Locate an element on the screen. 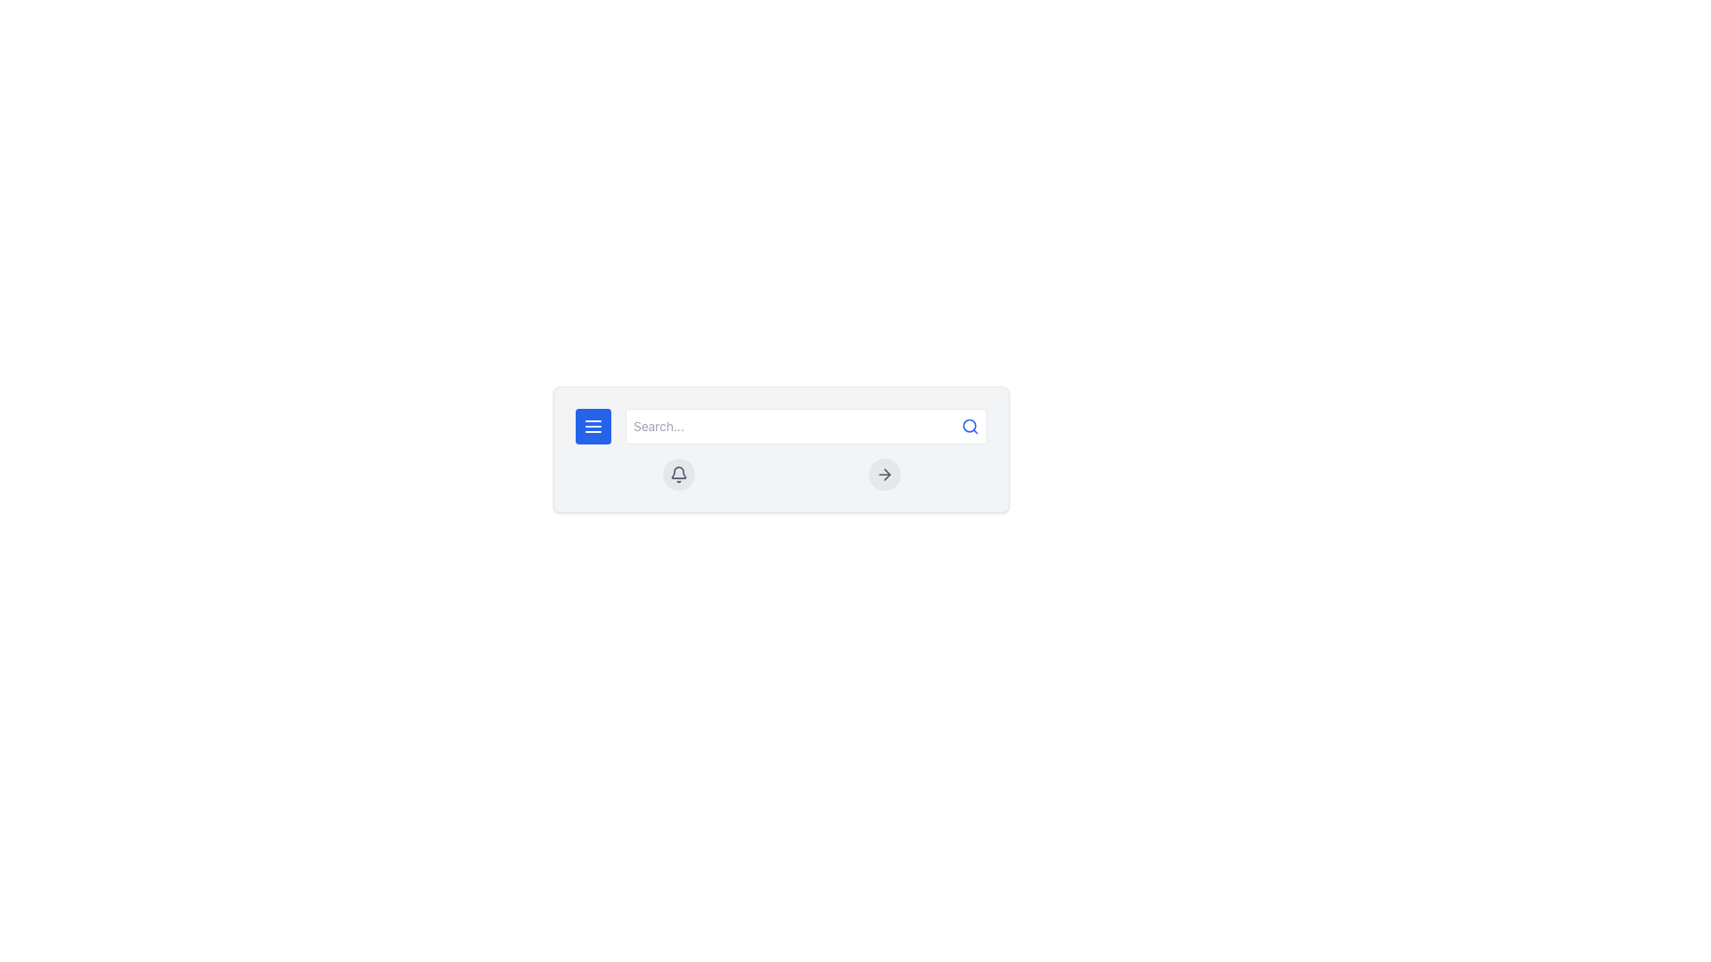 This screenshot has width=1711, height=962. the blue menu toggle icon located at the top-left of the search bar is located at coordinates (594, 426).